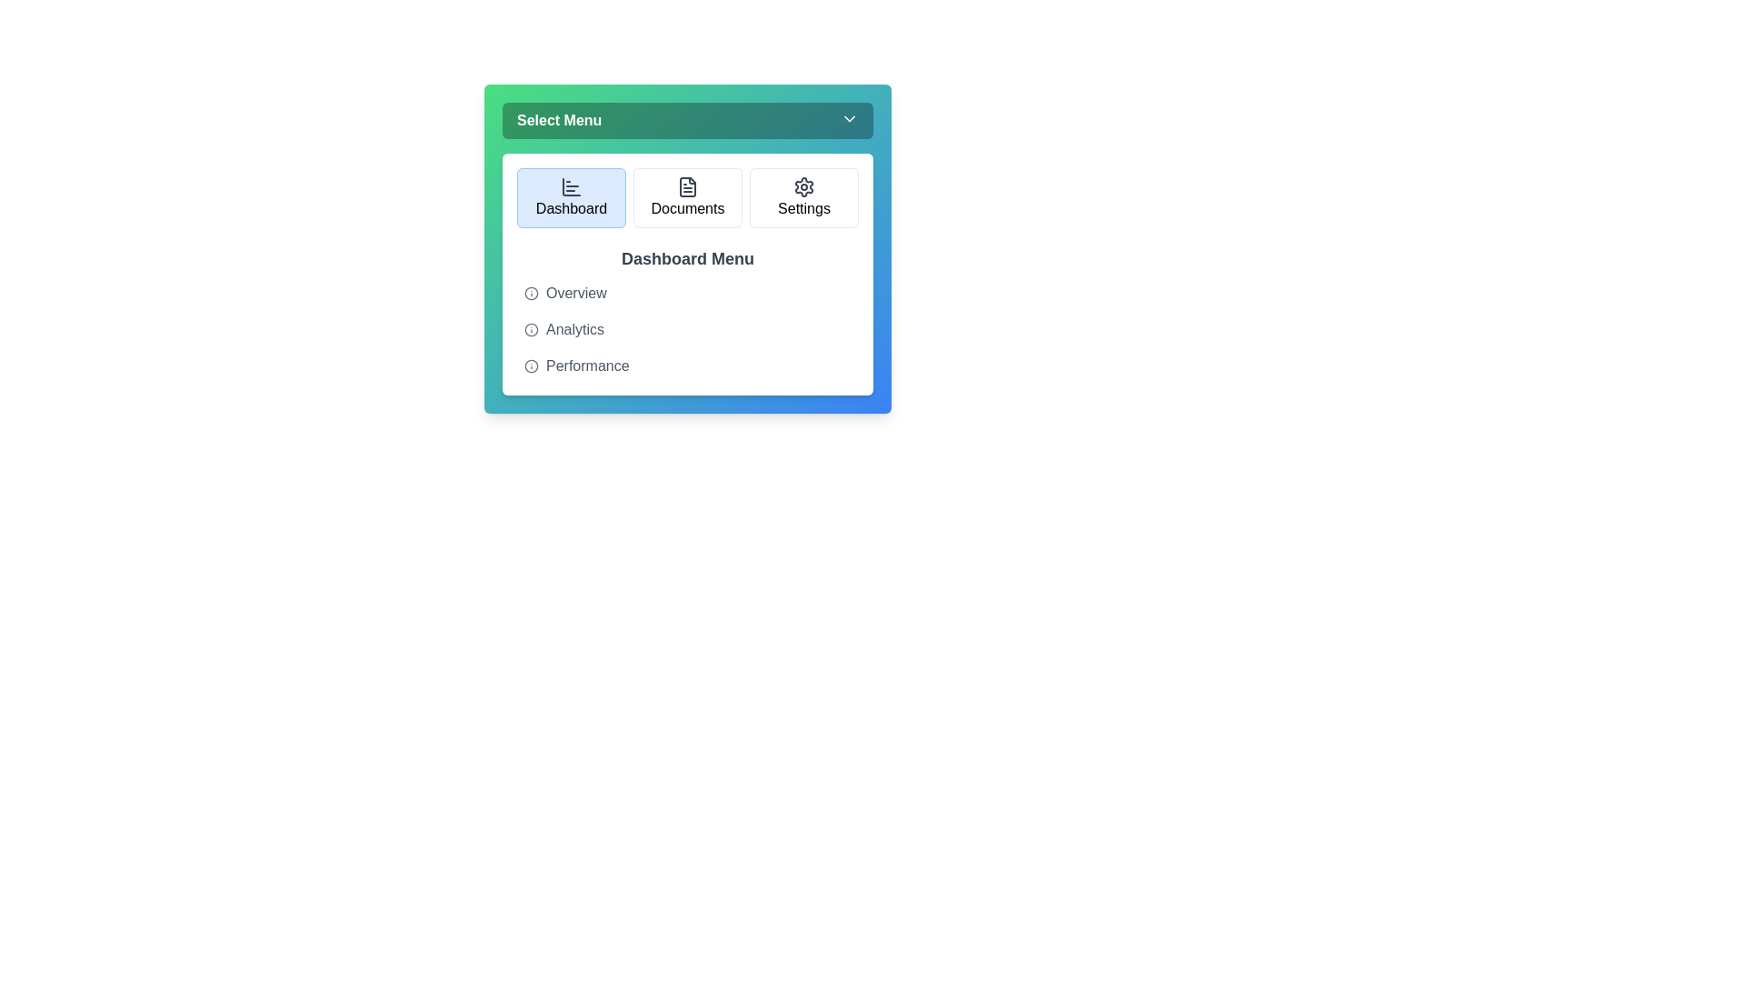 This screenshot has height=982, width=1745. I want to click on the 'Settings' button, which is a rectangular button with rounded corners, displaying a gear icon and the text 'Settings' in the center, positioned below the 'Select Menu' heading, so click(803, 198).